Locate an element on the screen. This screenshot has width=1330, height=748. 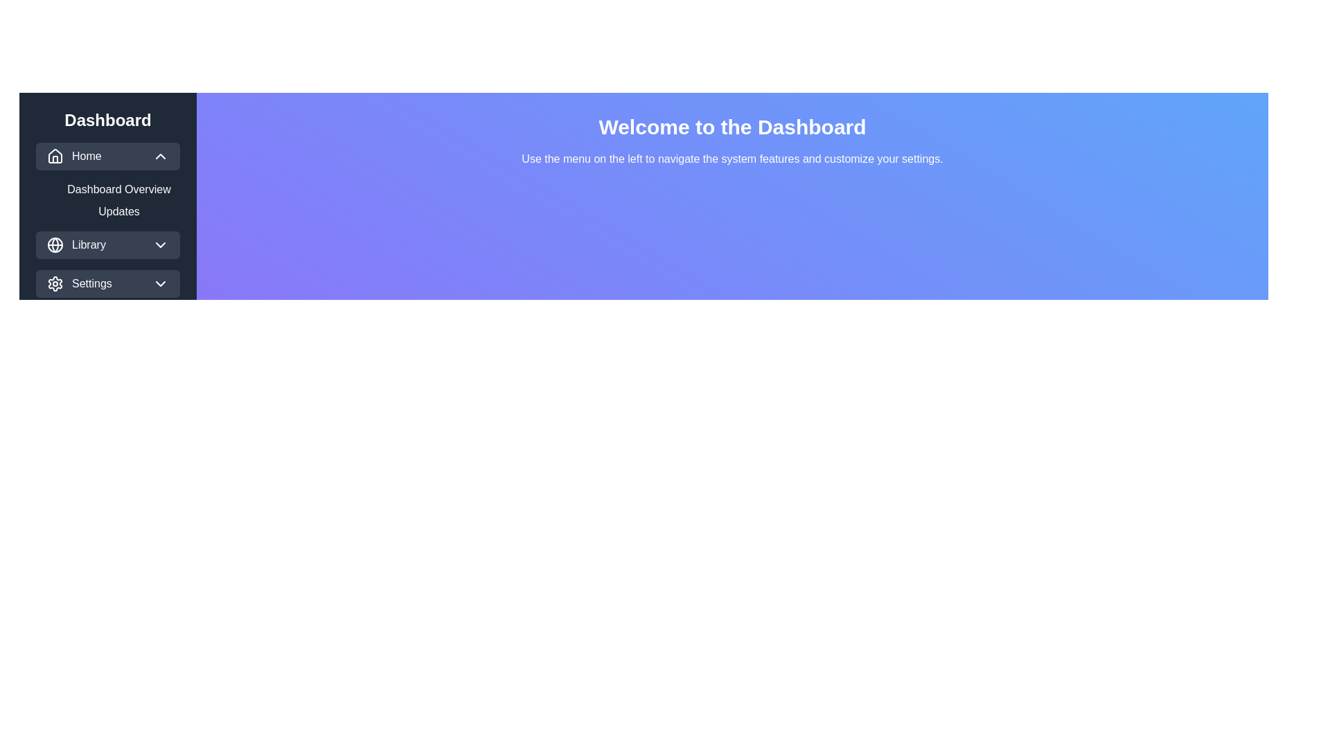
the 'Home' navigation menu item, which features a house icon and the text 'Home' within a dark rectangular background, located just below the 'Dashboard' heading in the sidebar is located at coordinates (73, 156).